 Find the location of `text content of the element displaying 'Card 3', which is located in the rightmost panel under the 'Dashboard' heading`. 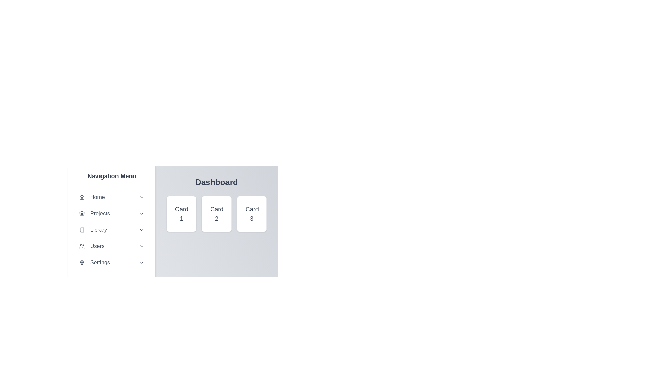

text content of the element displaying 'Card 3', which is located in the rightmost panel under the 'Dashboard' heading is located at coordinates (251, 214).